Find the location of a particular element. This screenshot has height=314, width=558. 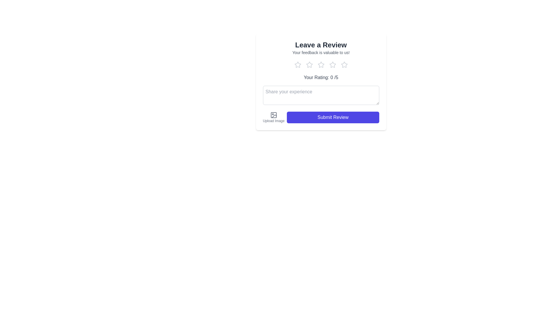

the feedback text area to focus it and allow text input is located at coordinates (321, 95).